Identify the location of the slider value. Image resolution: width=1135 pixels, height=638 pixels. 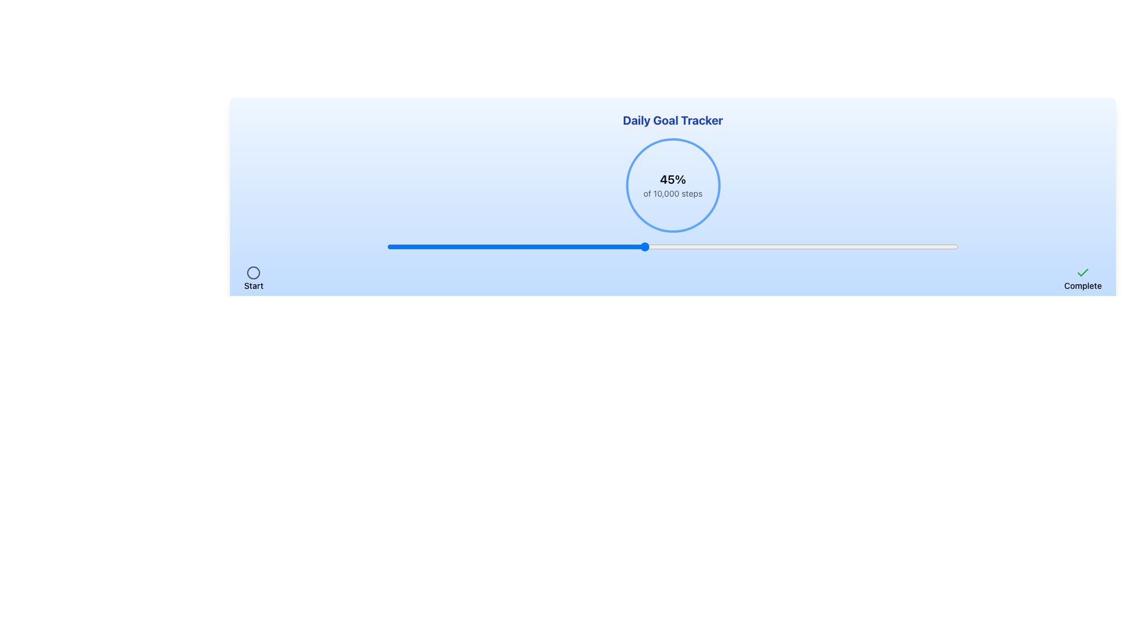
(679, 246).